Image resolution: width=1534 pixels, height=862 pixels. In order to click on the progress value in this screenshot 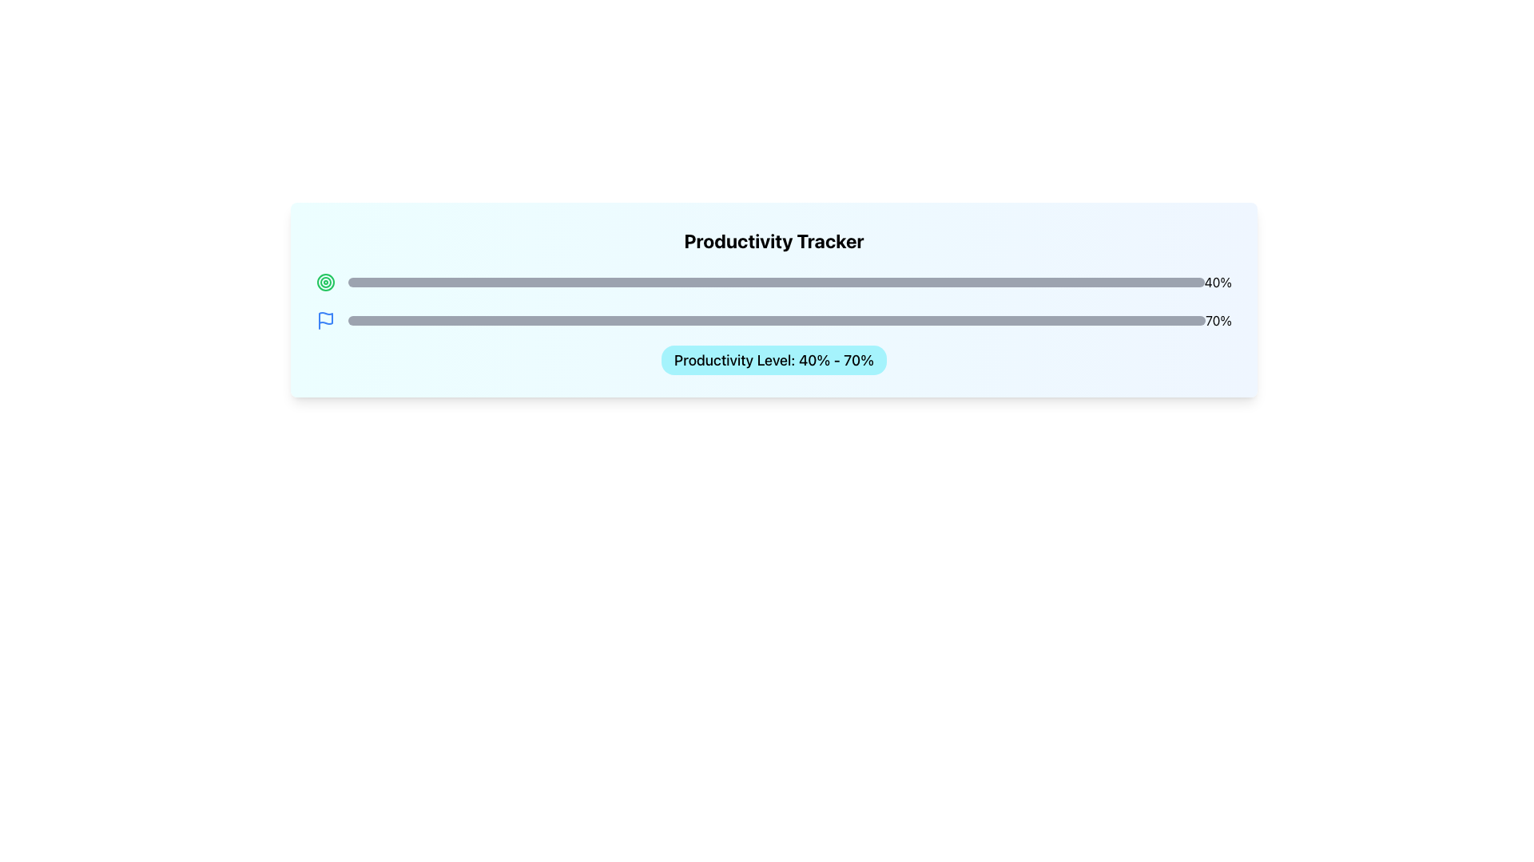, I will do `click(1007, 320)`.